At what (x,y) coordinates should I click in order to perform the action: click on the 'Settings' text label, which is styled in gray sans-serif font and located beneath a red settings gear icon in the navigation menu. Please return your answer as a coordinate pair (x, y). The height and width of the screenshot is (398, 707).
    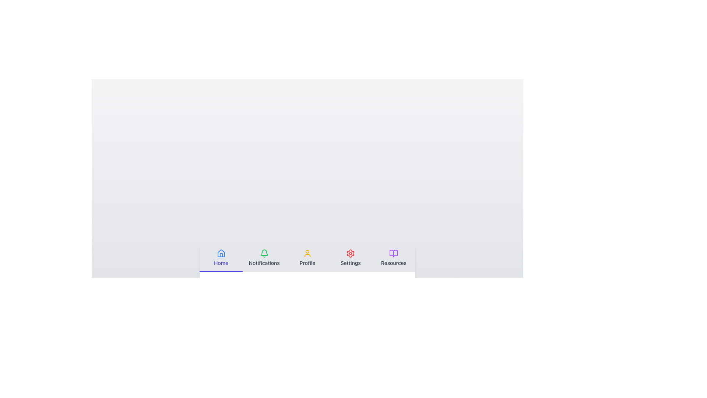
    Looking at the image, I should click on (350, 262).